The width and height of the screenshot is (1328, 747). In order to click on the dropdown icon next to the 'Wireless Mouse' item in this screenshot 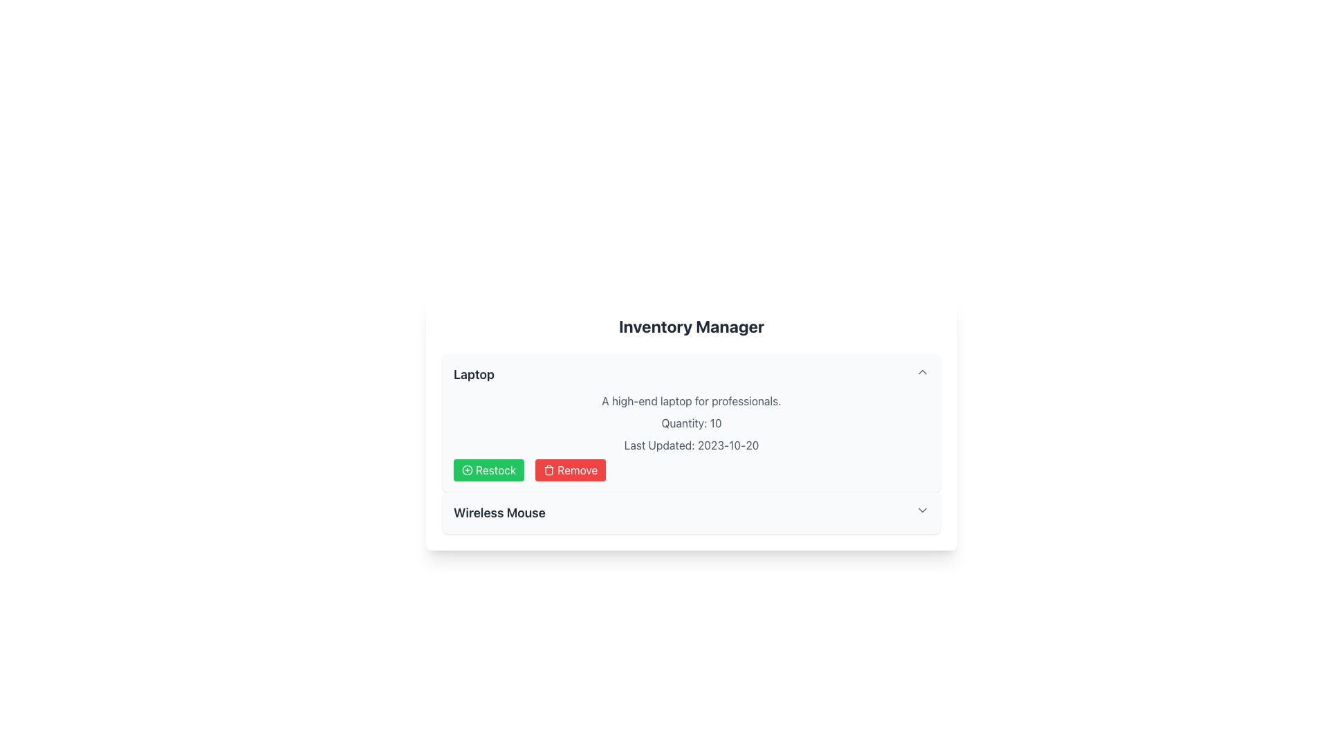, I will do `click(923, 510)`.